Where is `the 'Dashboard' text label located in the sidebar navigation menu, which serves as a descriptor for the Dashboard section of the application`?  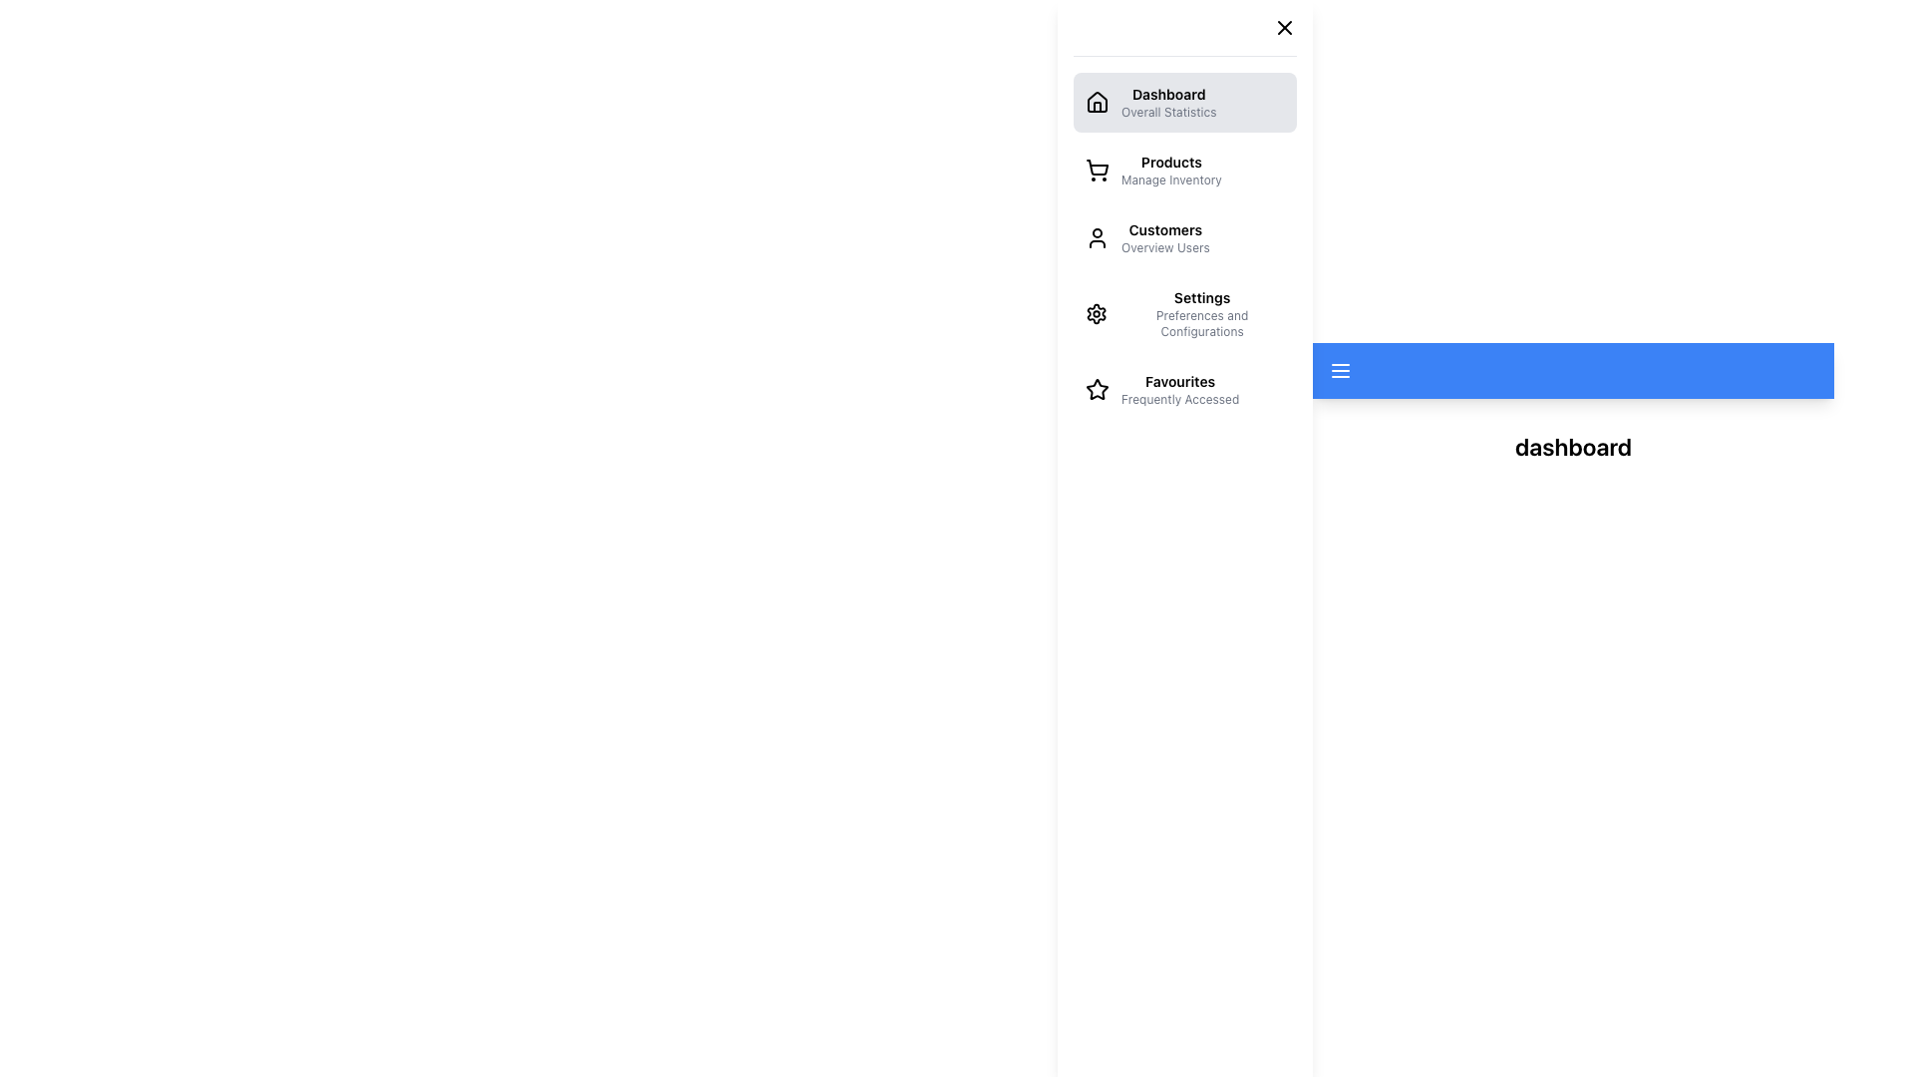 the 'Dashboard' text label located in the sidebar navigation menu, which serves as a descriptor for the Dashboard section of the application is located at coordinates (1168, 95).